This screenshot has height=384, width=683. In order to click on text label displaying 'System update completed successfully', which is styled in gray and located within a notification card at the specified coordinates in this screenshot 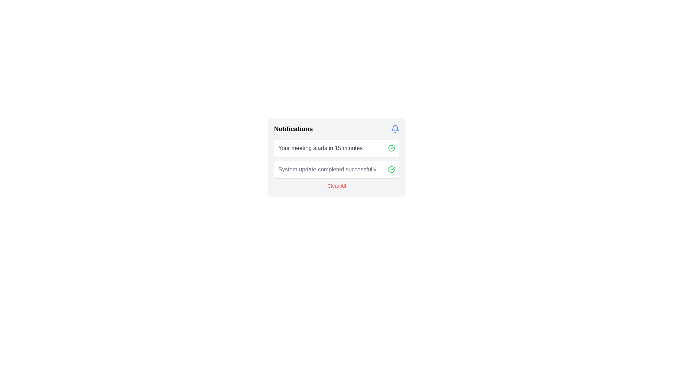, I will do `click(327, 170)`.